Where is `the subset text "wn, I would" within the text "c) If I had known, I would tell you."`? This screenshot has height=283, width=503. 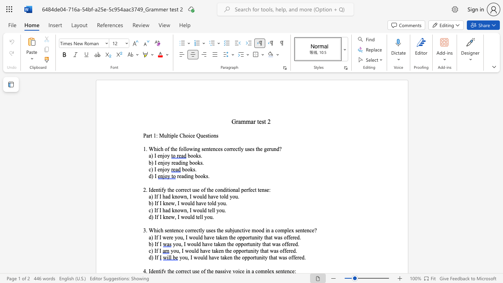
the subset text "wn, I would" within the text "c) If I had known, I would tell you." is located at coordinates (180, 210).